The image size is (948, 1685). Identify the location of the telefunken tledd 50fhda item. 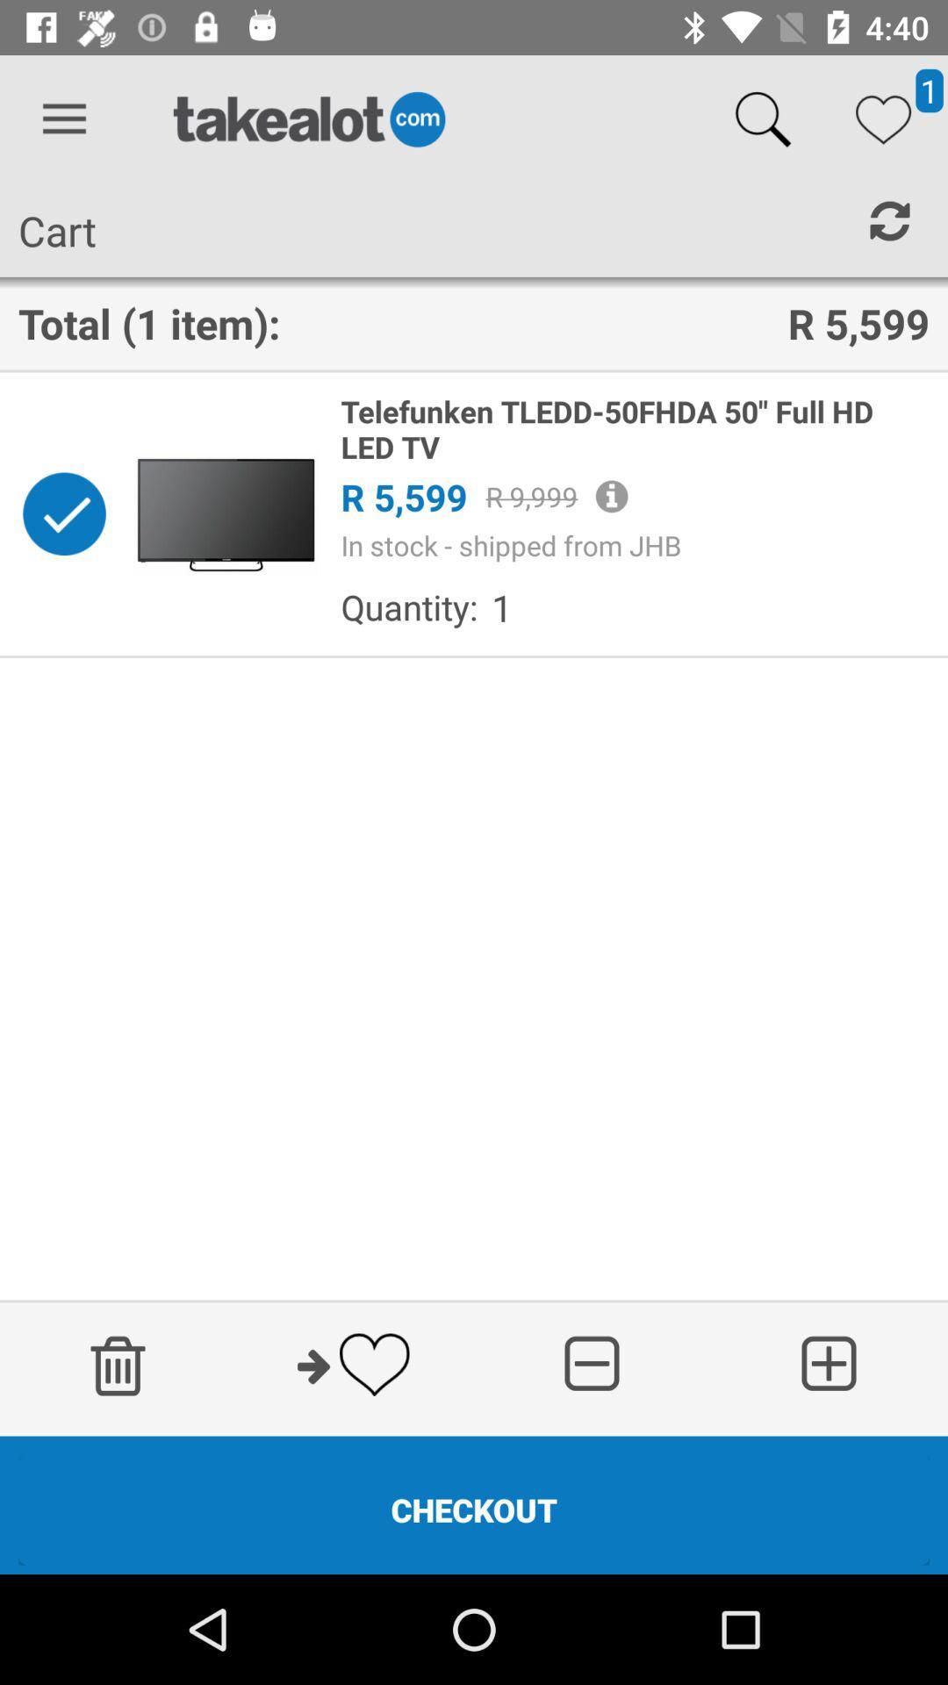
(635, 429).